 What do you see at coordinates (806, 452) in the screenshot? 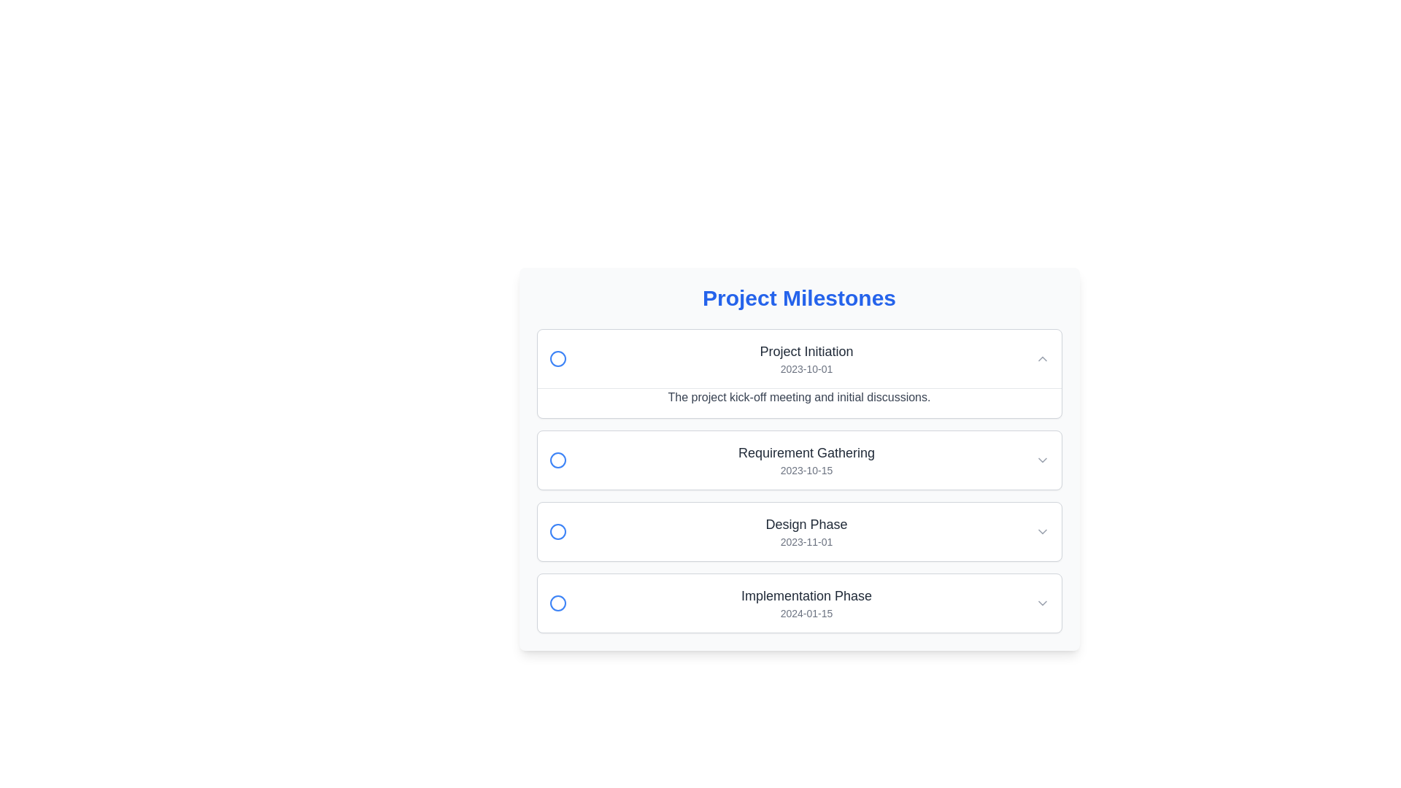
I see `the text label displaying 'Requirement Gathering' in the second milestone card of the 'Project Milestones' list` at bounding box center [806, 452].